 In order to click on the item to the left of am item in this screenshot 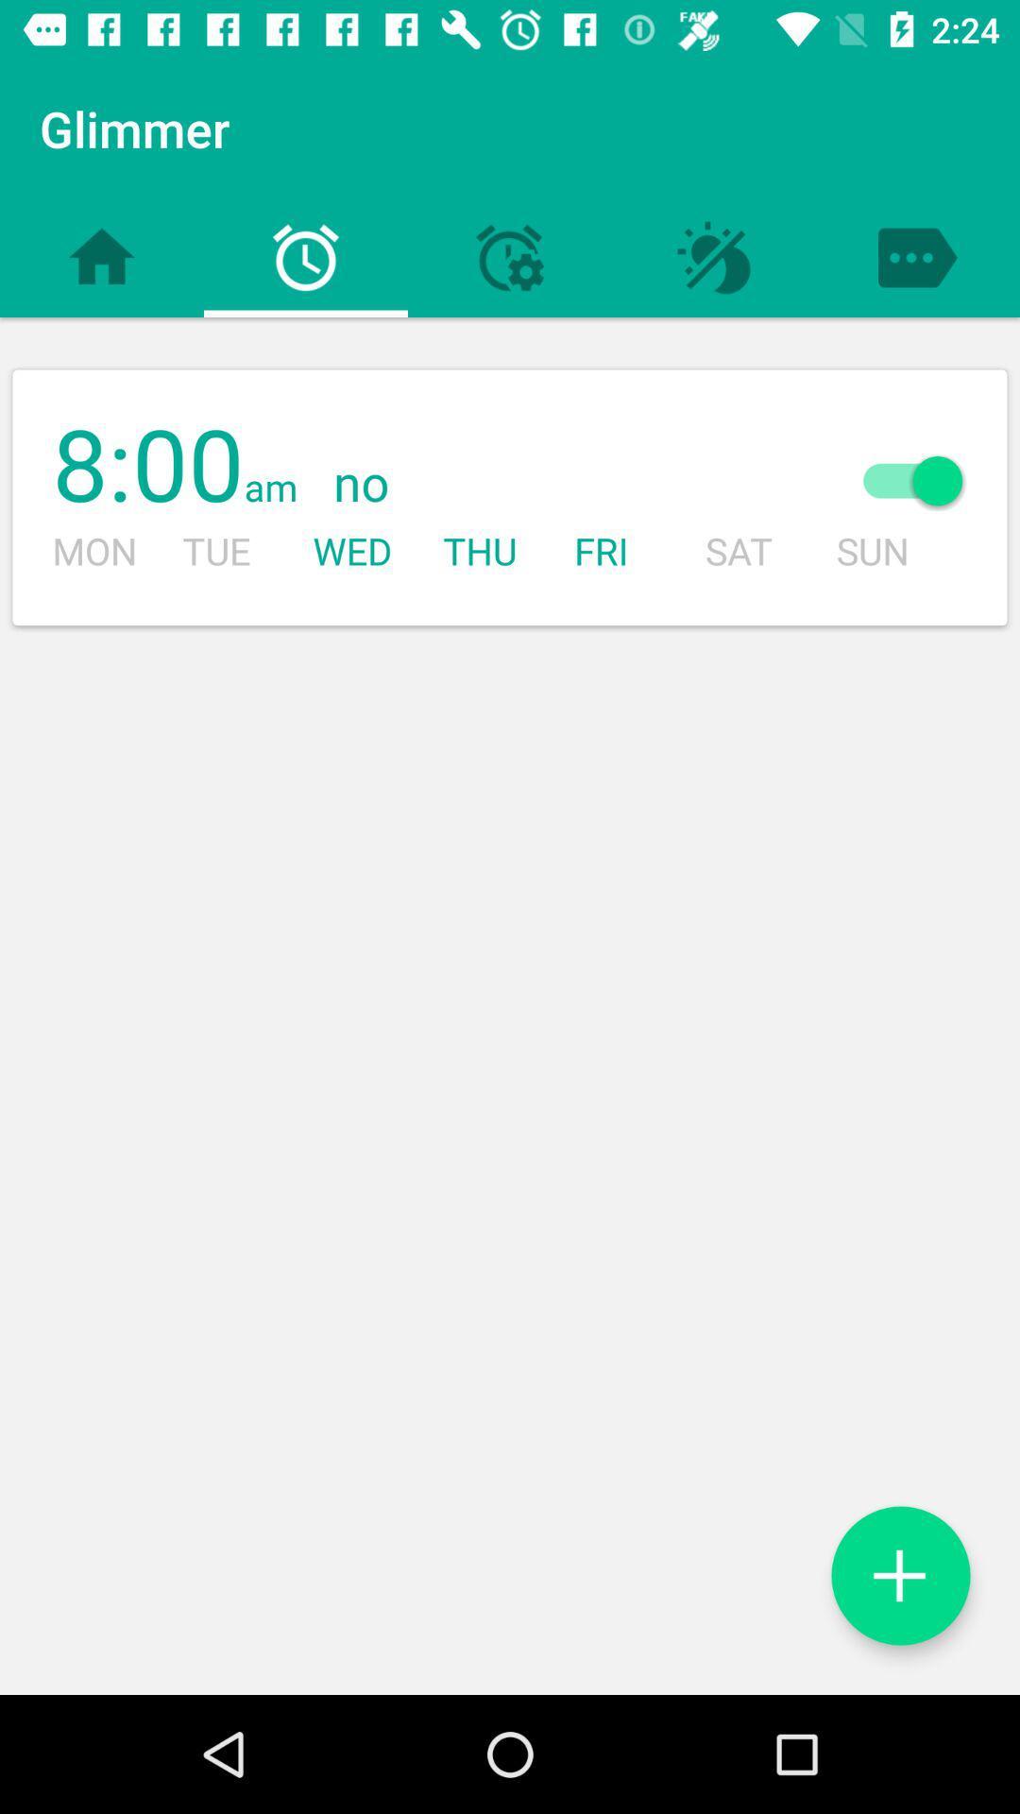, I will do `click(147, 467)`.